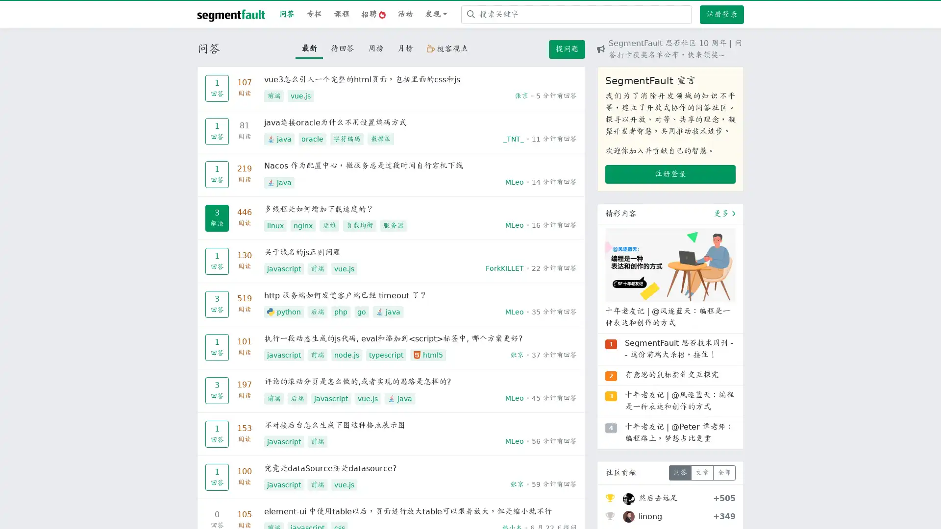 The width and height of the screenshot is (941, 529). What do you see at coordinates (670, 405) in the screenshot?
I see `Slide 2` at bounding box center [670, 405].